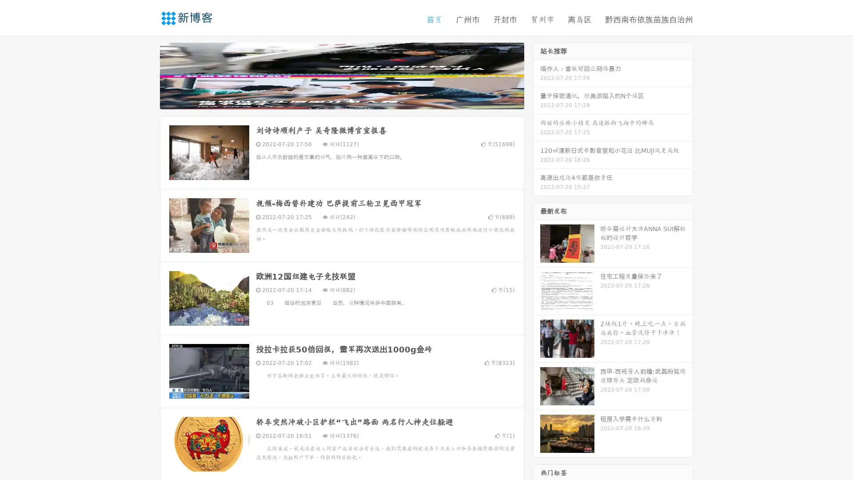  Describe the element at coordinates (147, 75) in the screenshot. I see `Previous slide` at that location.